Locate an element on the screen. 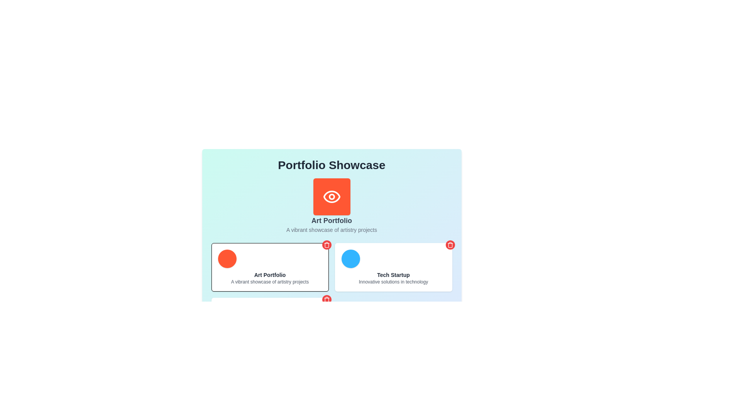 This screenshot has height=416, width=741. the static text providing additional descriptive information about the 'Art Portfolio' located beneath the title 'Art Portfolio' within the 'Portfolio Showcase' section is located at coordinates (332, 230).